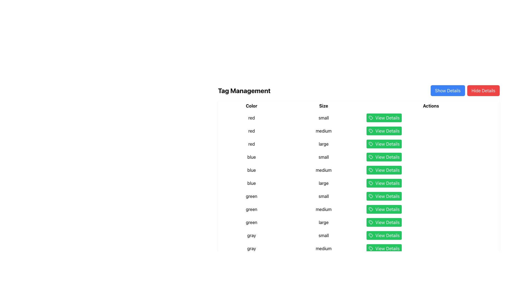  Describe the element at coordinates (359, 222) in the screenshot. I see `the 'View Details' button in the 'large' green tag row of the 'Tag Management' table` at that location.